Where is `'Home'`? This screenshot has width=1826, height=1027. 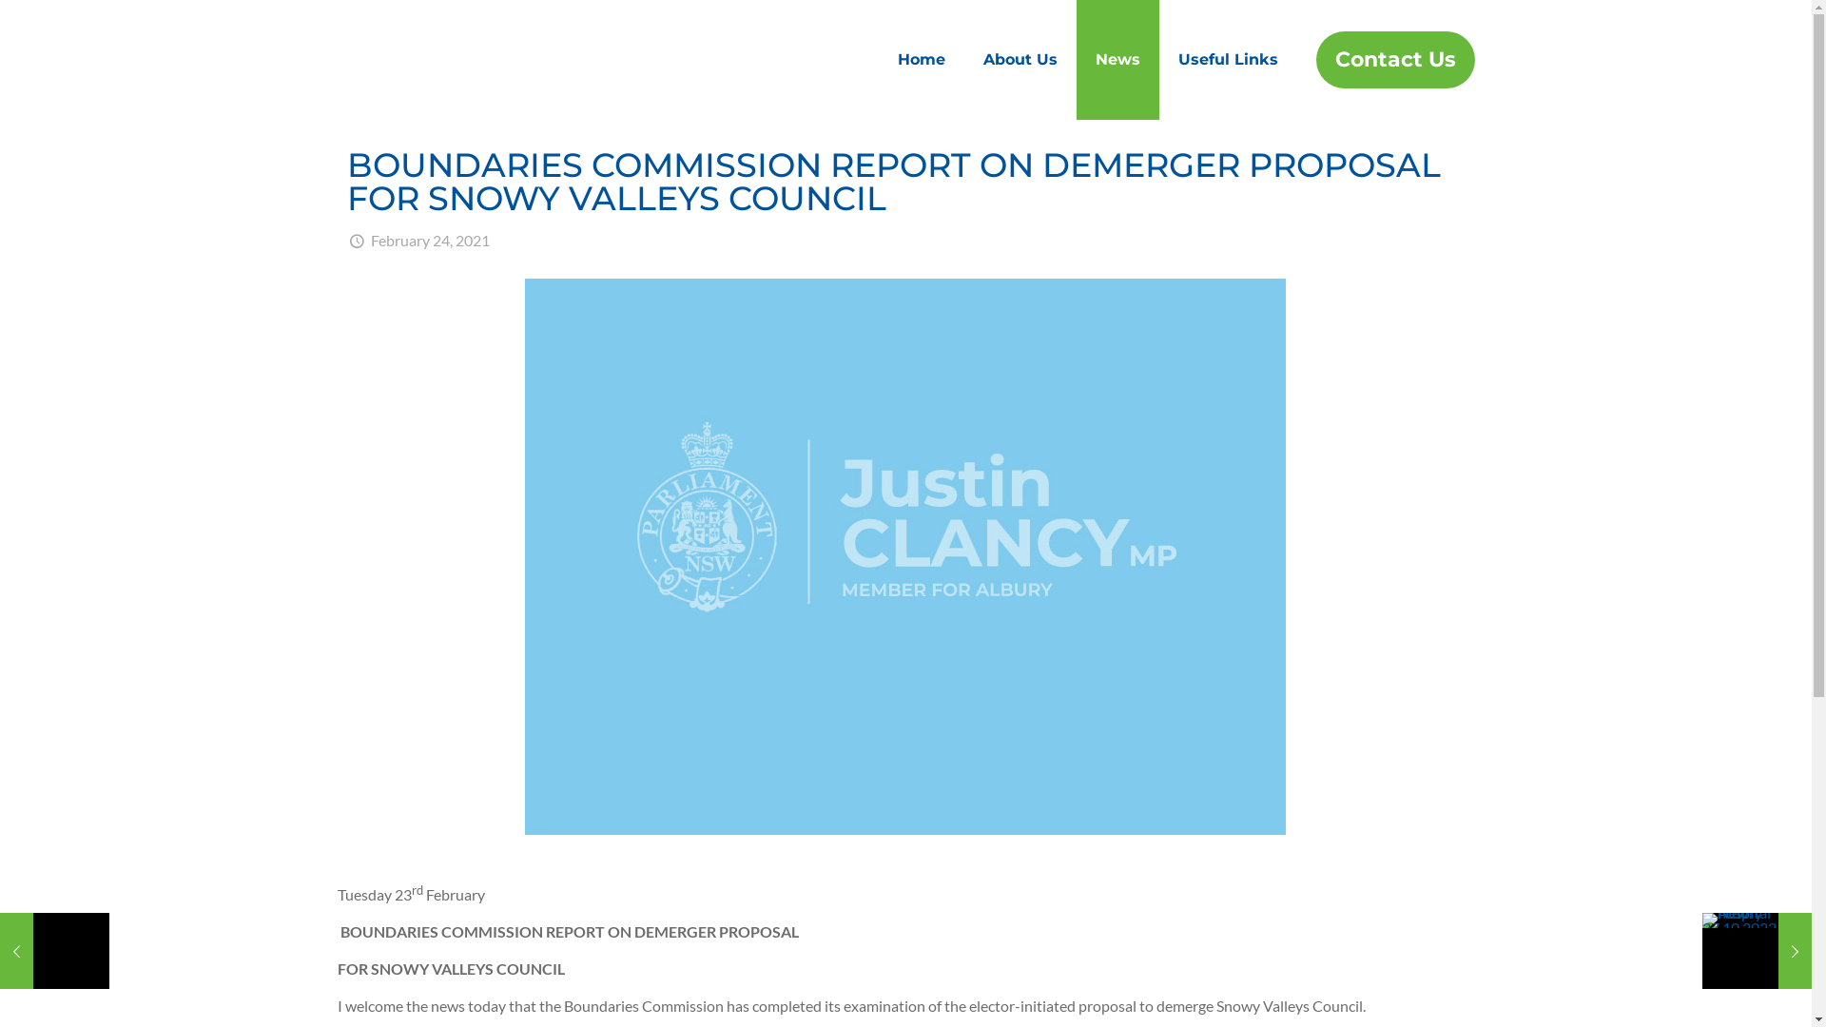
'Home' is located at coordinates (878, 58).